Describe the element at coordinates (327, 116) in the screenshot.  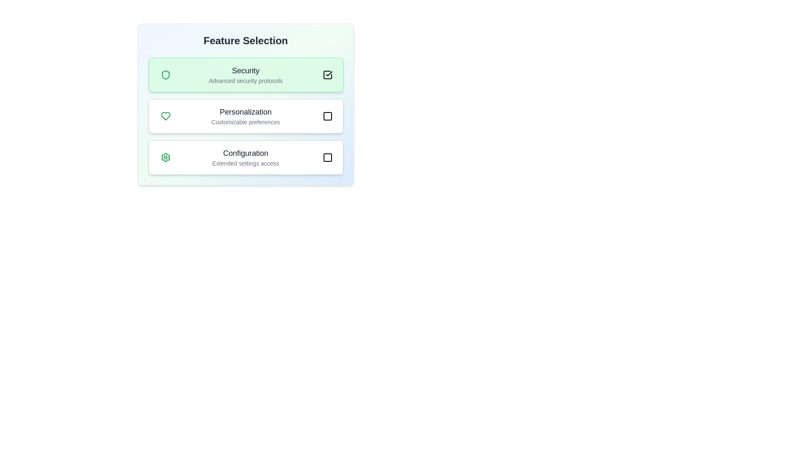
I see `the toggle button located at the far right of the row containing the text 'Personalization: Customizable preferences'` at that location.